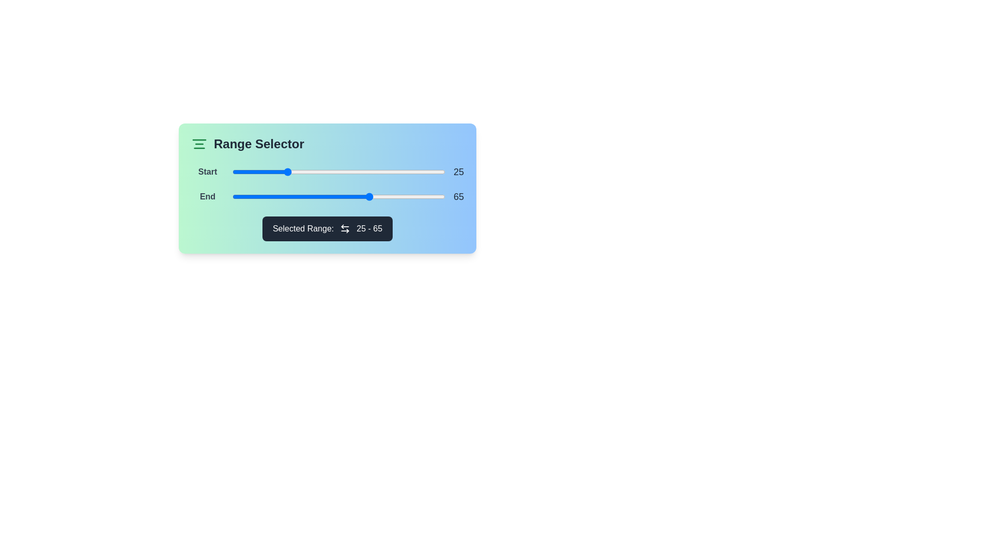 The image size is (992, 558). Describe the element at coordinates (258, 197) in the screenshot. I see `the end range slider to 12 by dragging it to the desired position` at that location.